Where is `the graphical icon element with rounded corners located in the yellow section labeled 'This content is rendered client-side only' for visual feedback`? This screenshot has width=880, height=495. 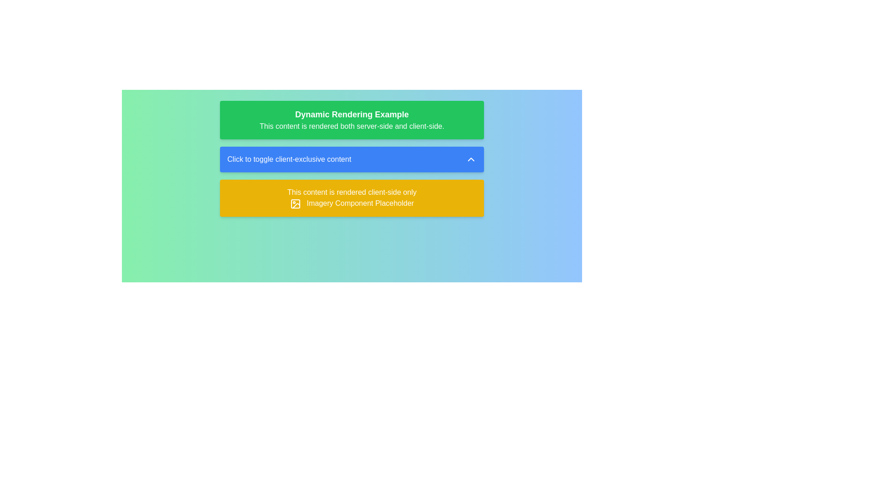 the graphical icon element with rounded corners located in the yellow section labeled 'This content is rendered client-side only' for visual feedback is located at coordinates (295, 203).